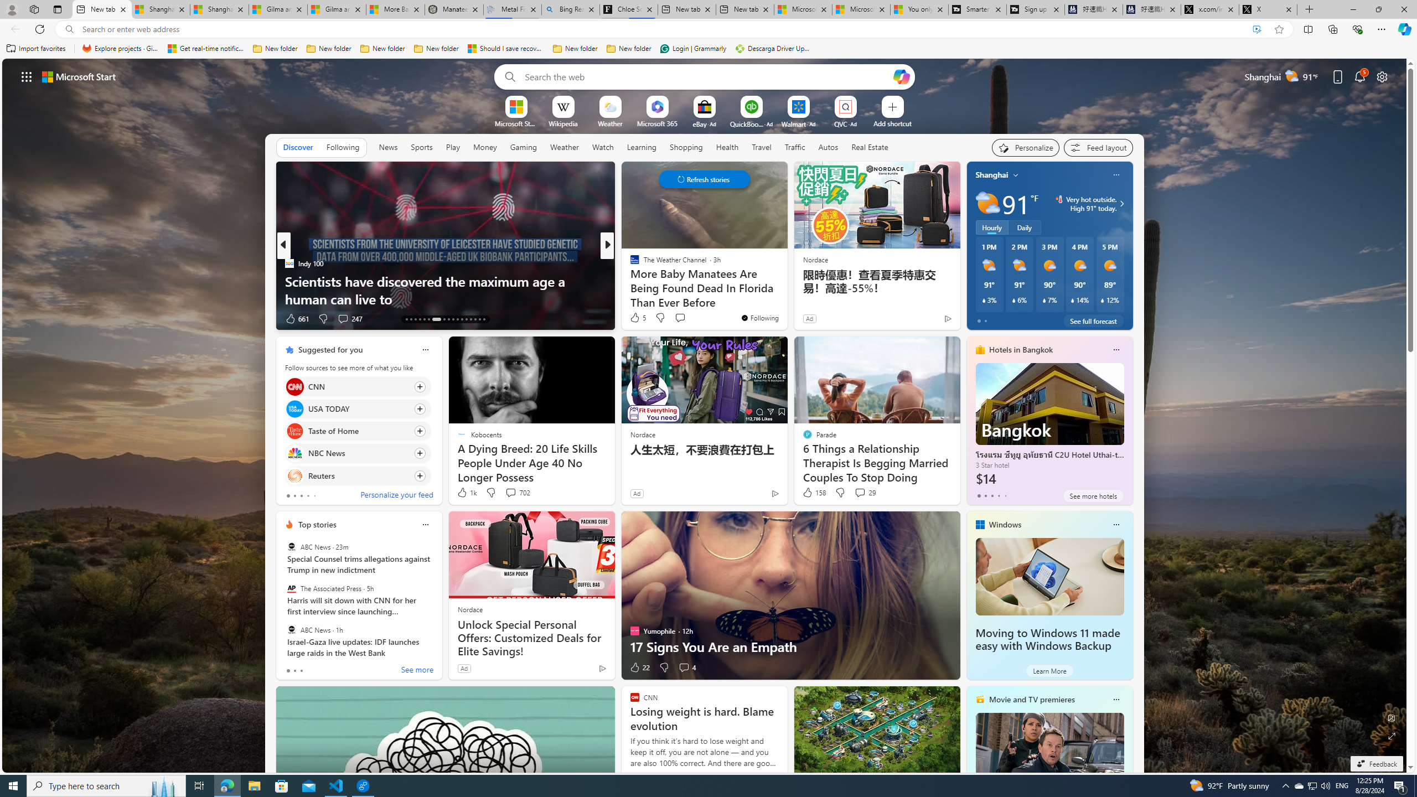 This screenshot has width=1417, height=797. What do you see at coordinates (343, 318) in the screenshot?
I see `'View comments 247 Comment'` at bounding box center [343, 318].